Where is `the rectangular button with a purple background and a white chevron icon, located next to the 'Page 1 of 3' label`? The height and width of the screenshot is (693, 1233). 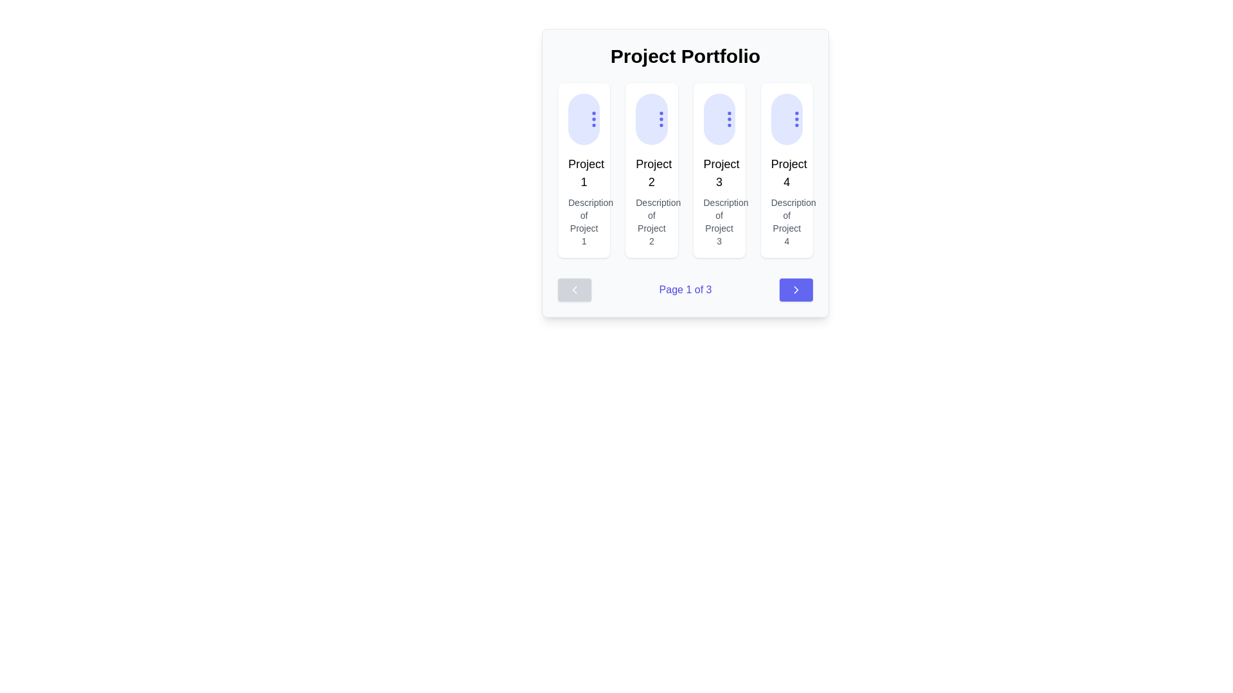 the rectangular button with a purple background and a white chevron icon, located next to the 'Page 1 of 3' label is located at coordinates (795, 289).